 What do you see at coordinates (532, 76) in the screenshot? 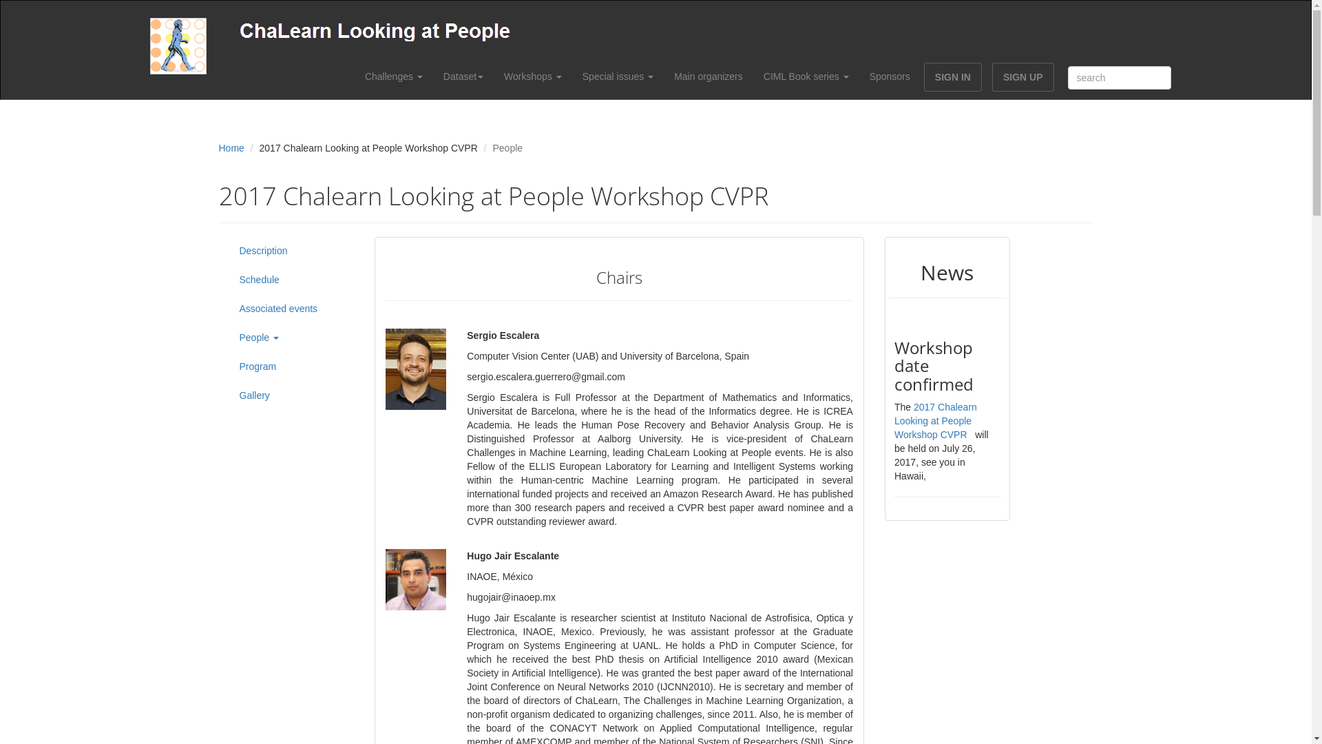
I see `'Workshops'` at bounding box center [532, 76].